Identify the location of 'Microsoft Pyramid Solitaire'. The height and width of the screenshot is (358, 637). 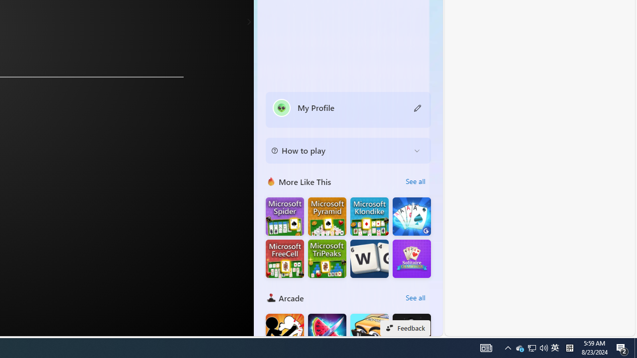
(327, 216).